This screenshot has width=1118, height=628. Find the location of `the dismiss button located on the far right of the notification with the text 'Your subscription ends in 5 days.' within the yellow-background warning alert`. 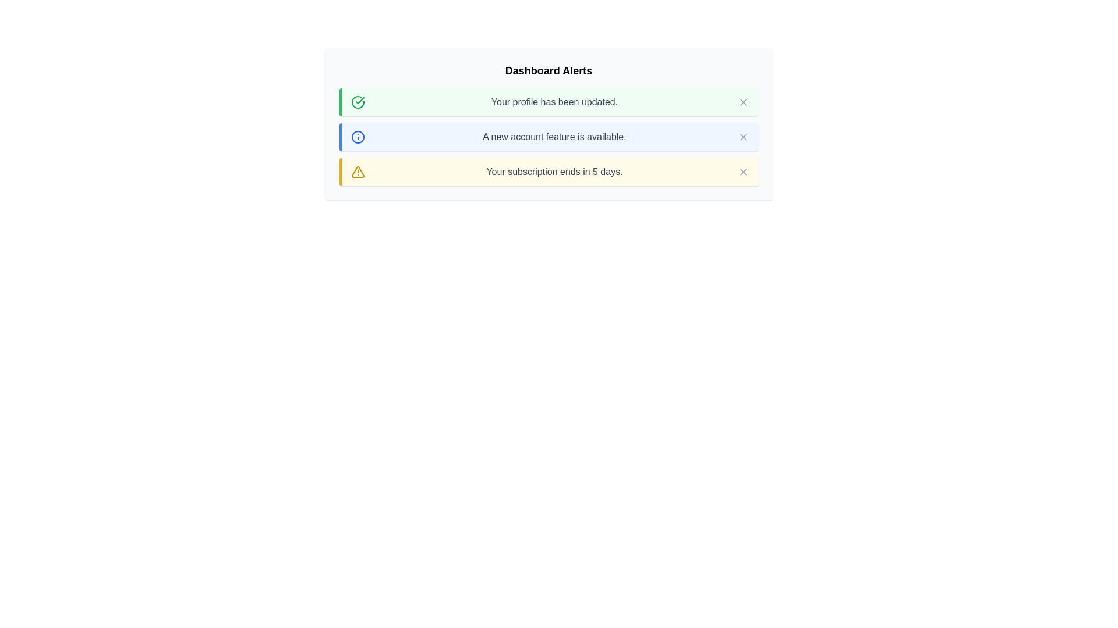

the dismiss button located on the far right of the notification with the text 'Your subscription ends in 5 days.' within the yellow-background warning alert is located at coordinates (742, 172).